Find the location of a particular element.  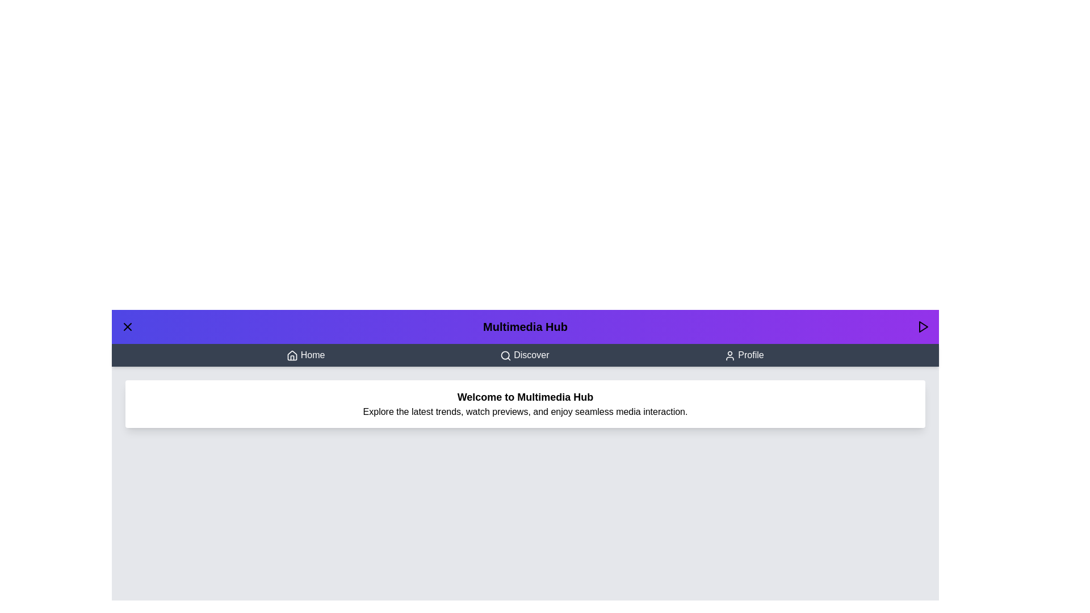

the play/pause button to toggle the media state is located at coordinates (923, 326).